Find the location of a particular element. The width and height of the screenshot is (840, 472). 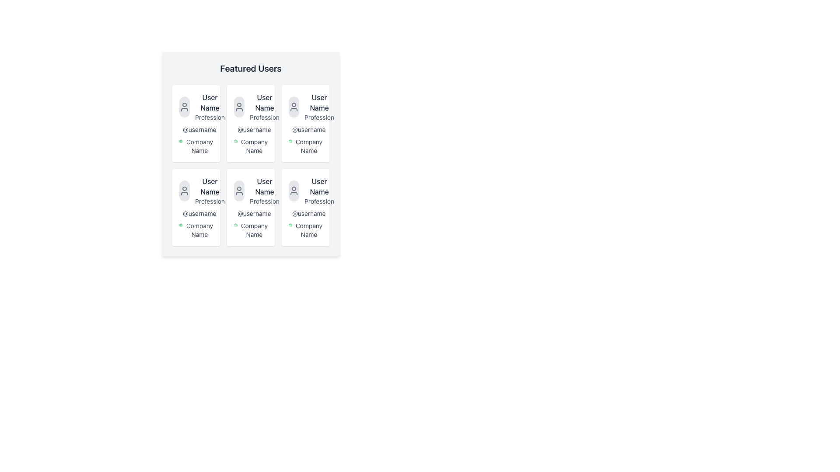

the circular icon with a light gray background featuring a user avatar illustration, located in the bottom-right card of a 3x2 grid, directly above the text 'User Name' and 'Profession' is located at coordinates (294, 190).